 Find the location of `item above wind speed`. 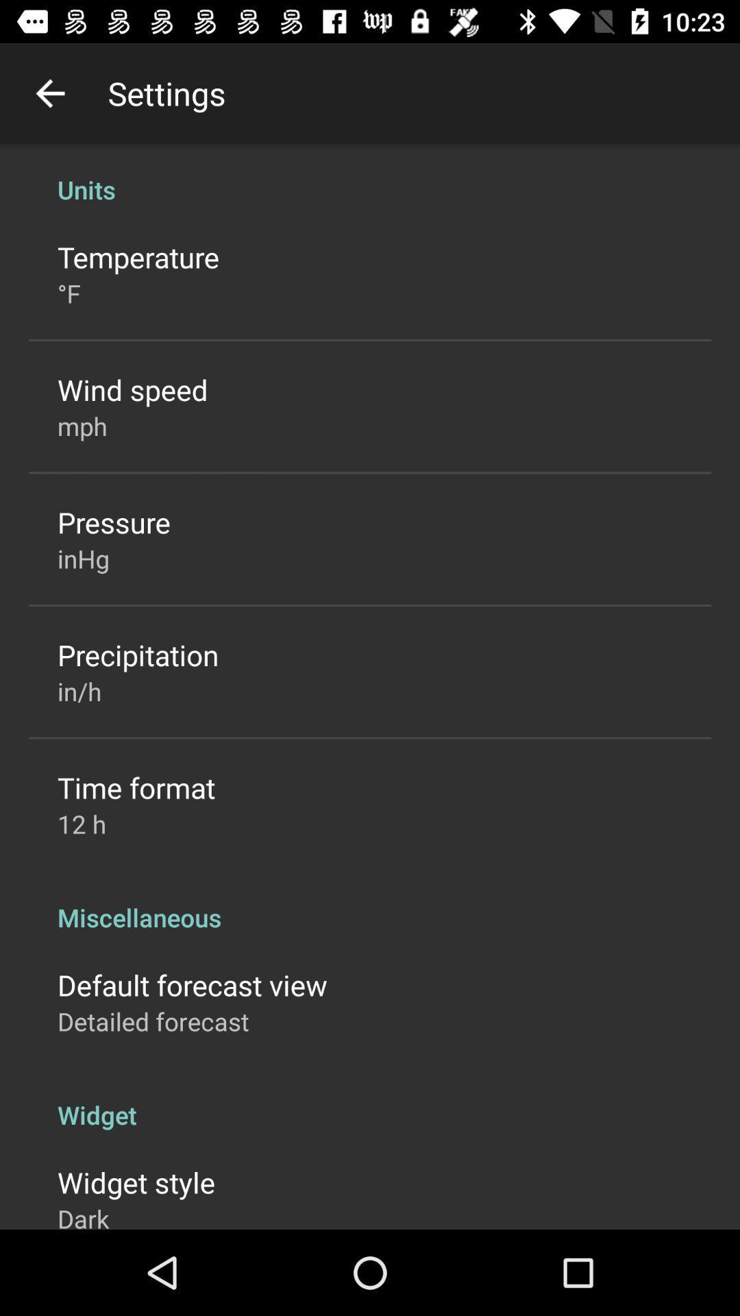

item above wind speed is located at coordinates (69, 293).